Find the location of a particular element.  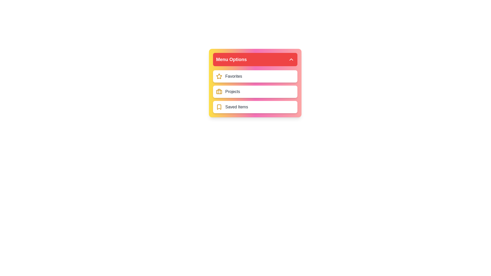

the top button labeled 'Menu Options' to toggle the menu is located at coordinates (255, 59).